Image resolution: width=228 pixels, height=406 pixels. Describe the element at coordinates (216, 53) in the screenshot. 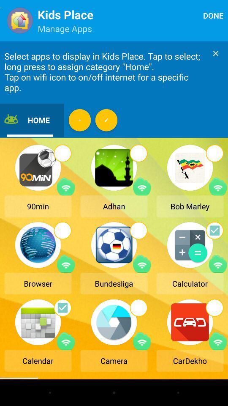

I see `message` at that location.